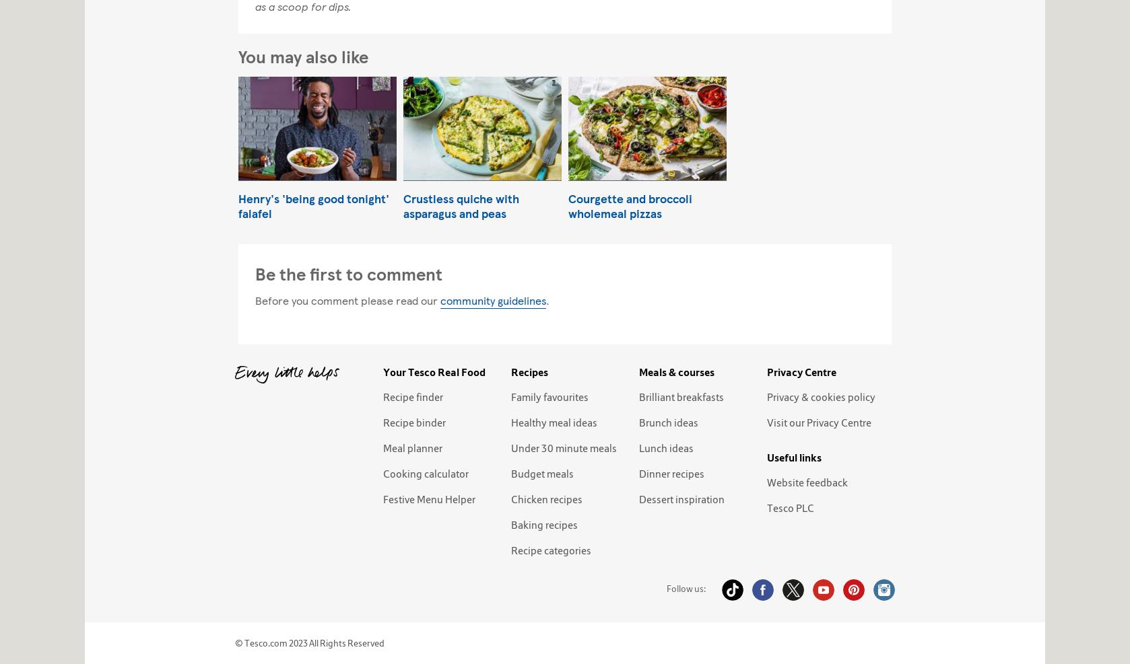  What do you see at coordinates (819, 421) in the screenshot?
I see `'Visit our Privacy Centre'` at bounding box center [819, 421].